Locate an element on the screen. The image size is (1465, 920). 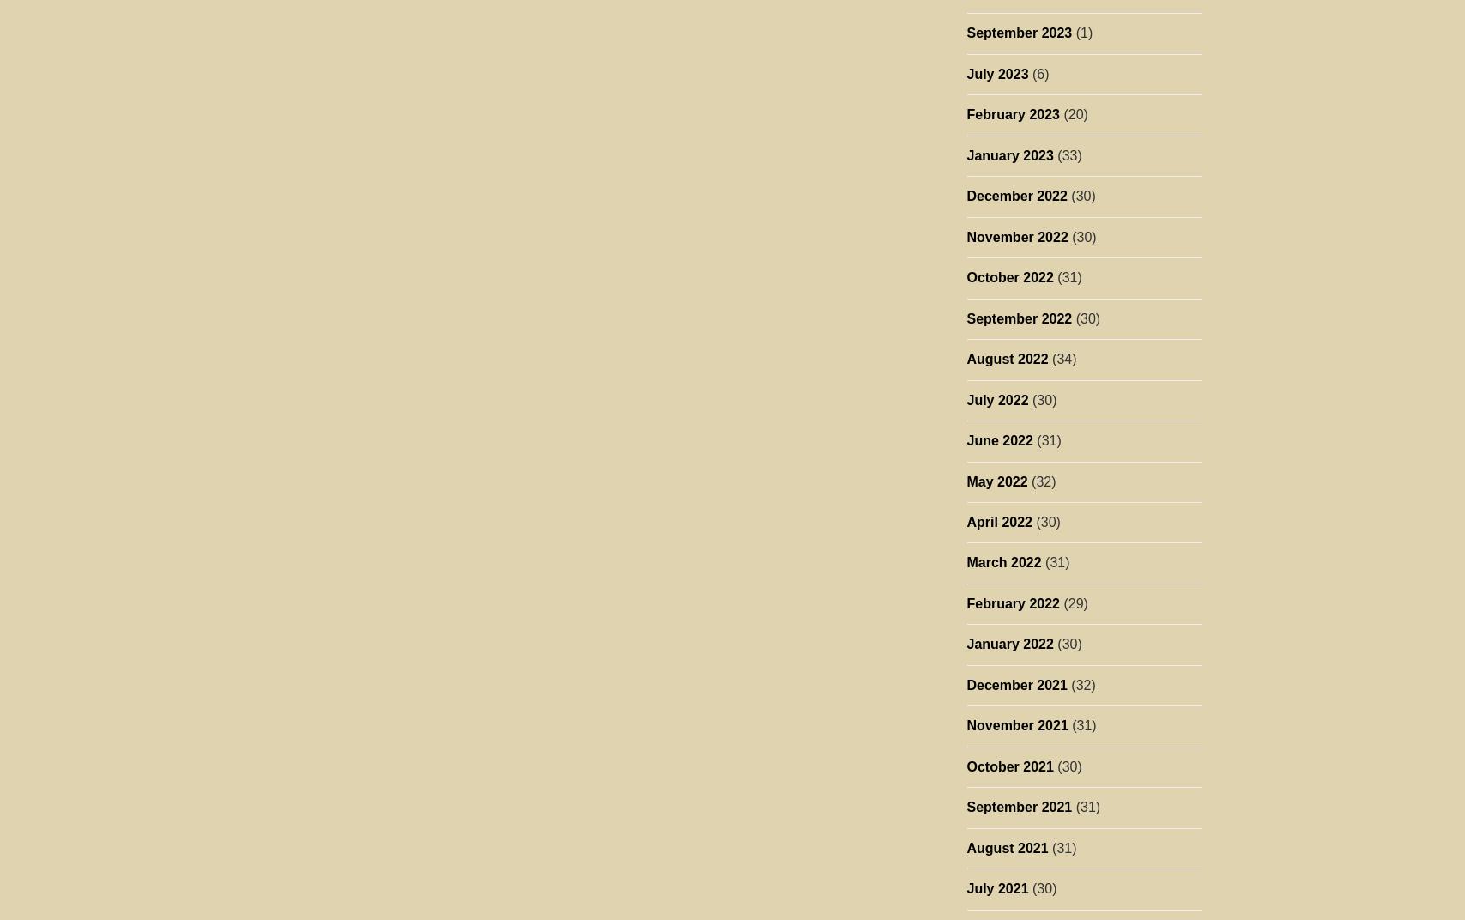
'(6)' is located at coordinates (1037, 73).